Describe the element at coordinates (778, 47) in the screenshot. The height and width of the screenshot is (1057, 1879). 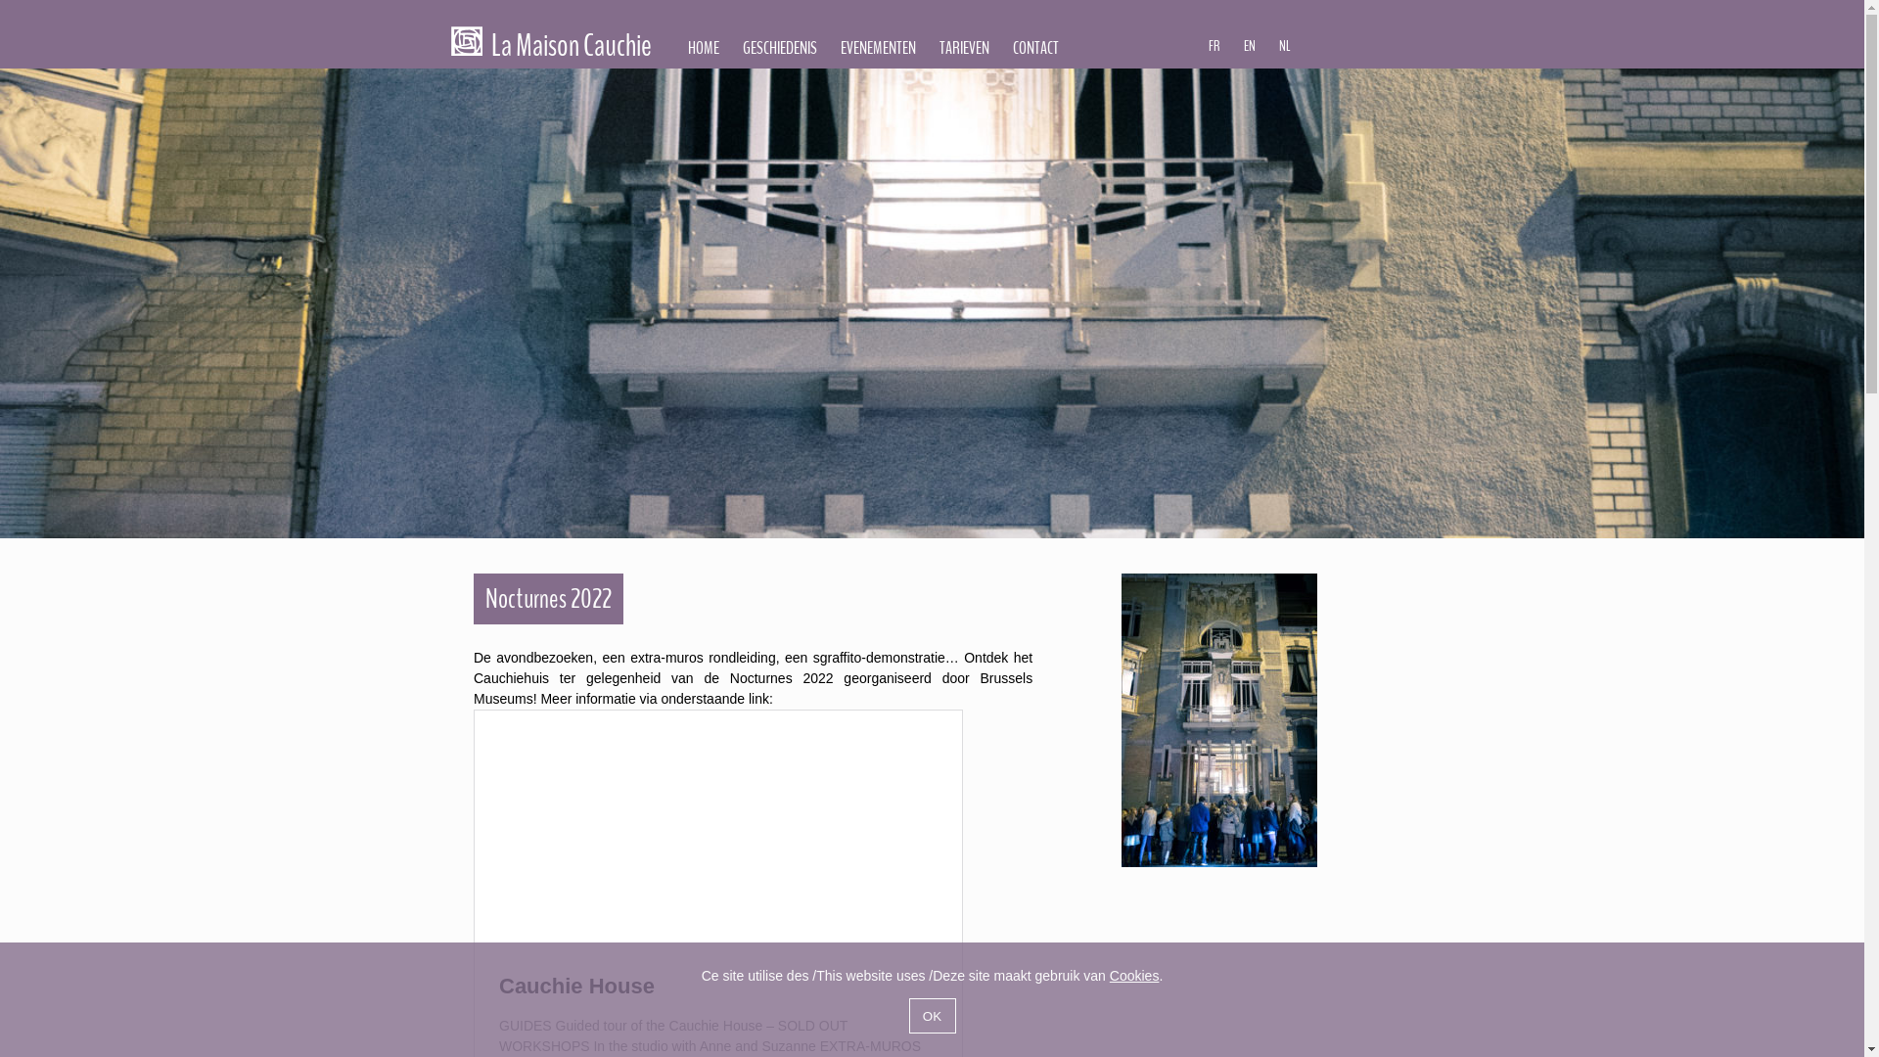
I see `'GESCHIEDENIS'` at that location.